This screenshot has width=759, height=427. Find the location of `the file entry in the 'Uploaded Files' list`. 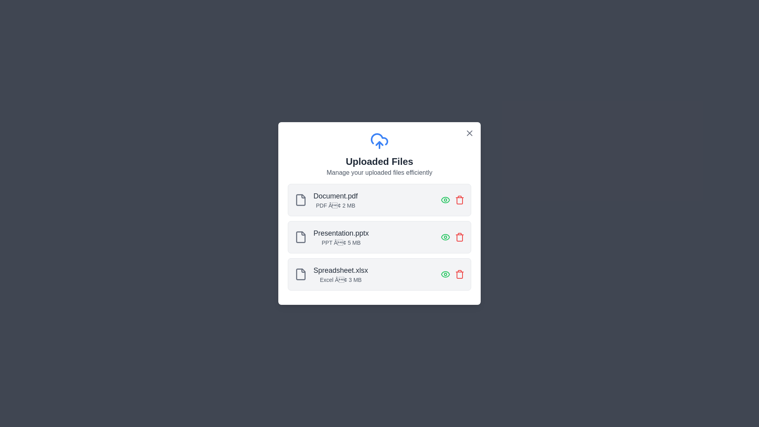

the file entry in the 'Uploaded Files' list is located at coordinates (379, 237).